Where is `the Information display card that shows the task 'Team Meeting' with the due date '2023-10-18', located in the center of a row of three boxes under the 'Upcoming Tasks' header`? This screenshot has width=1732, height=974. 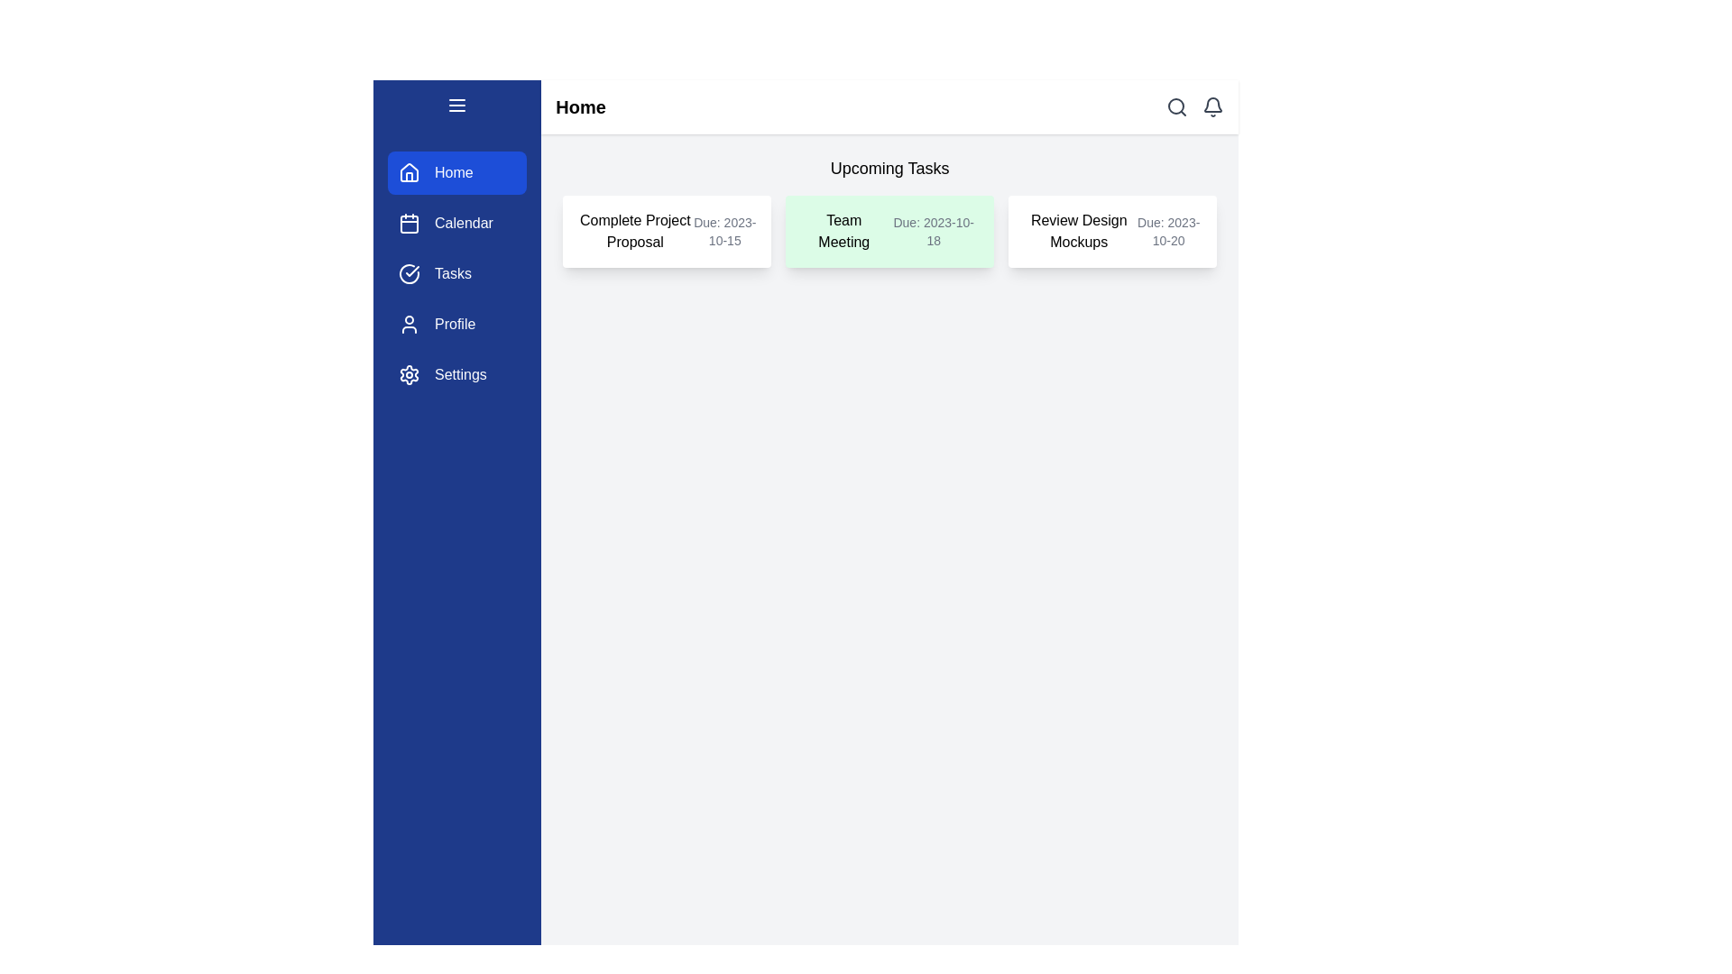 the Information display card that shows the task 'Team Meeting' with the due date '2023-10-18', located in the center of a row of three boxes under the 'Upcoming Tasks' header is located at coordinates (889, 211).